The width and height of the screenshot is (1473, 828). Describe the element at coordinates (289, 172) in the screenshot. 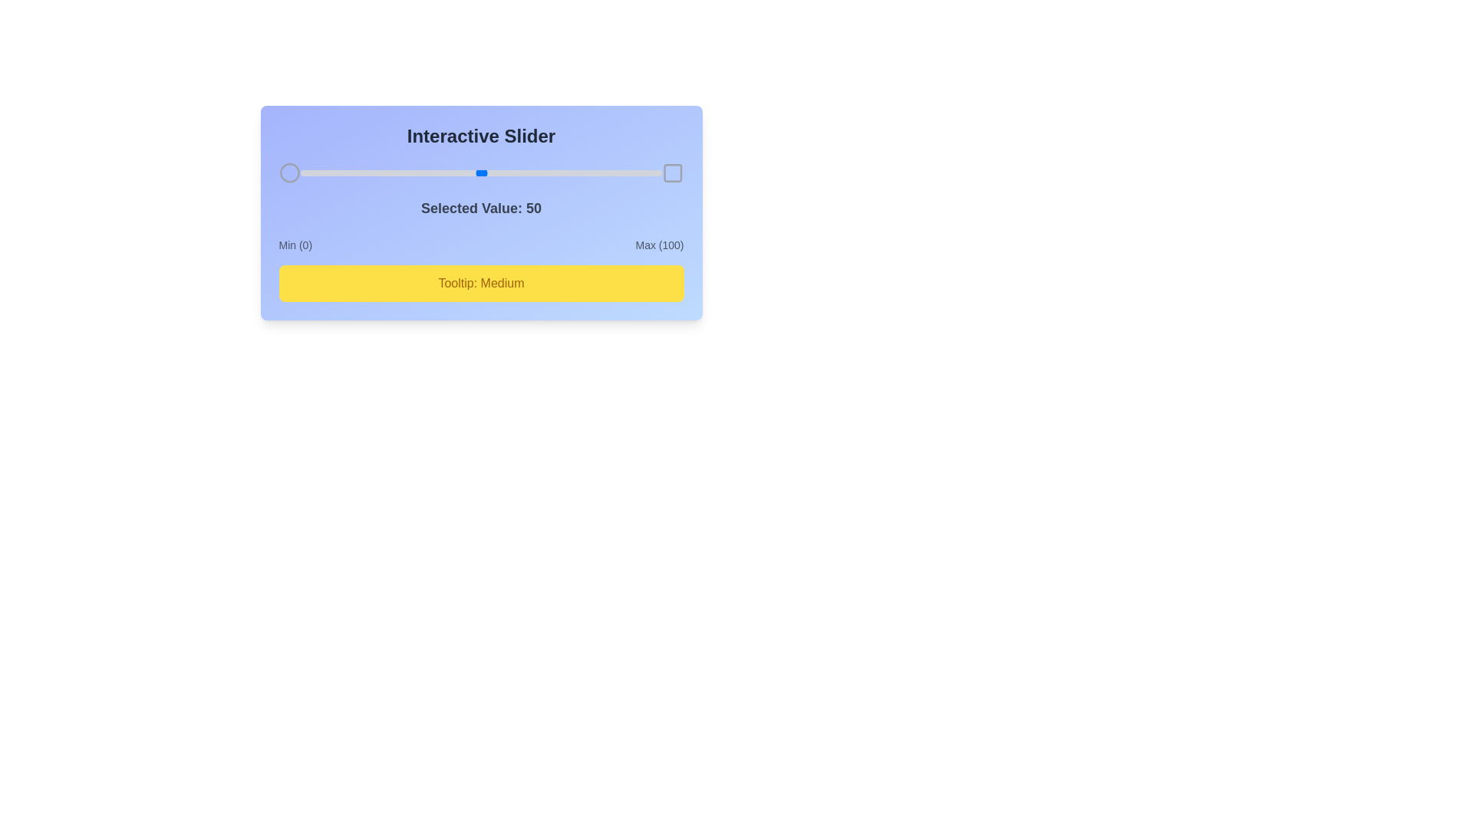

I see `the circular icon next to the slider` at that location.